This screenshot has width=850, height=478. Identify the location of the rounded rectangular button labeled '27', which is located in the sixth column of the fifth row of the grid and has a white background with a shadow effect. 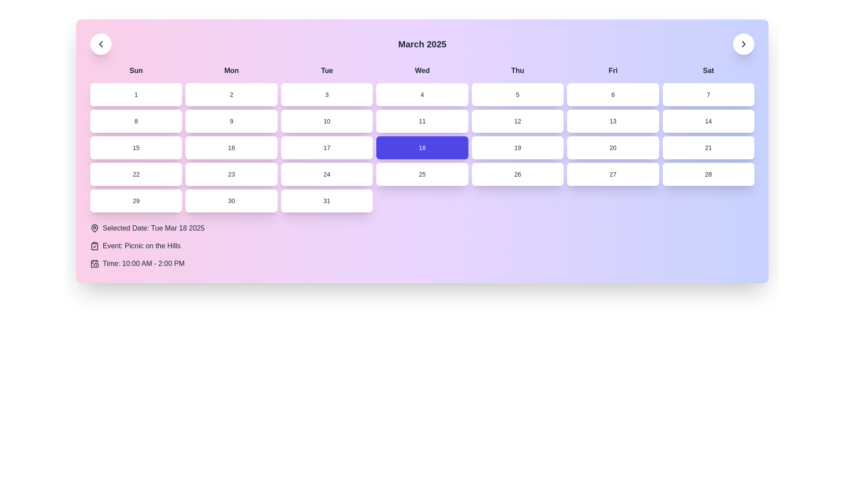
(612, 174).